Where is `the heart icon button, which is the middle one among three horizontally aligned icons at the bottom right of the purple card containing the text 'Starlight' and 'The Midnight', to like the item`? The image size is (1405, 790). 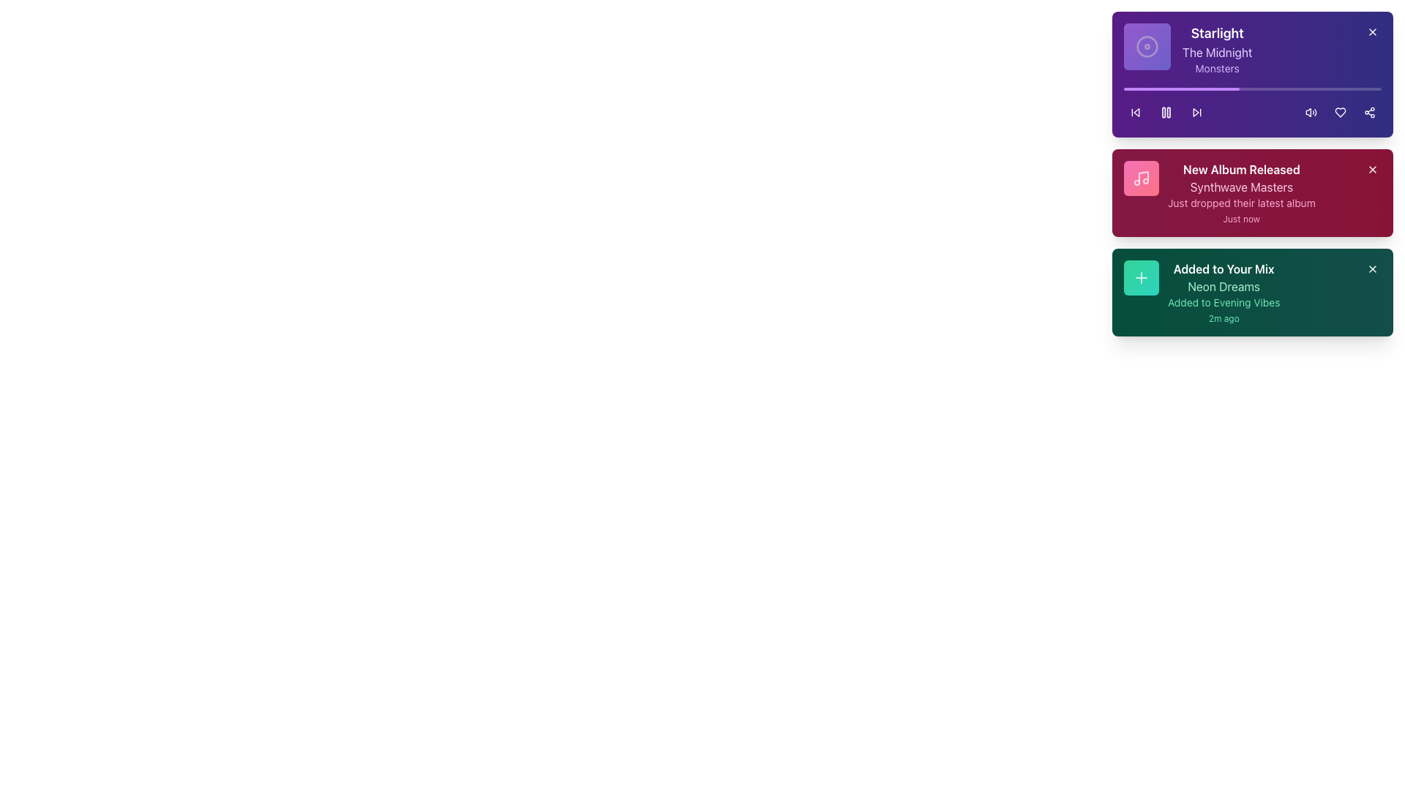 the heart icon button, which is the middle one among three horizontally aligned icons at the bottom right of the purple card containing the text 'Starlight' and 'The Midnight', to like the item is located at coordinates (1341, 112).